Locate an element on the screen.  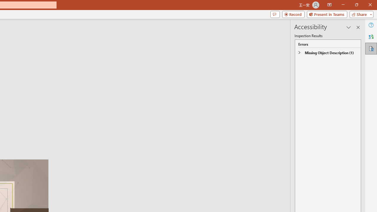
'Restore Down' is located at coordinates (356, 5).